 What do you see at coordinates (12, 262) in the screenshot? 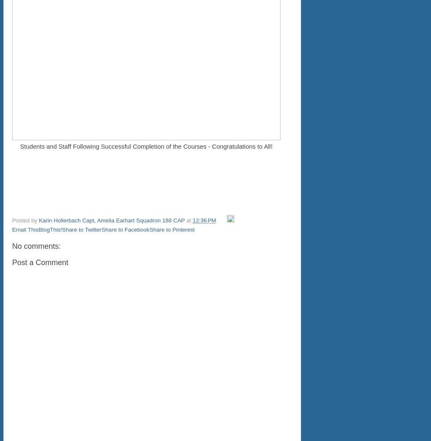
I see `'Post a Comment'` at bounding box center [12, 262].